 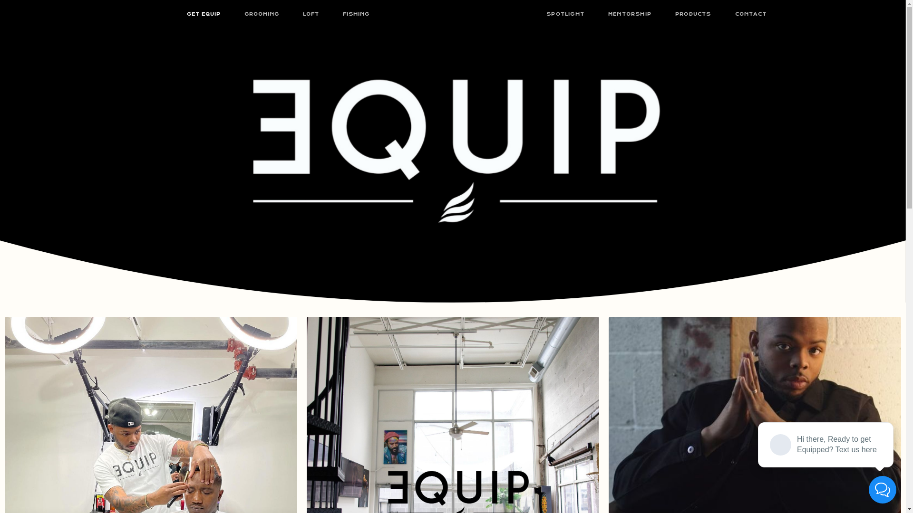 I want to click on 'CONTACT', so click(x=750, y=14).